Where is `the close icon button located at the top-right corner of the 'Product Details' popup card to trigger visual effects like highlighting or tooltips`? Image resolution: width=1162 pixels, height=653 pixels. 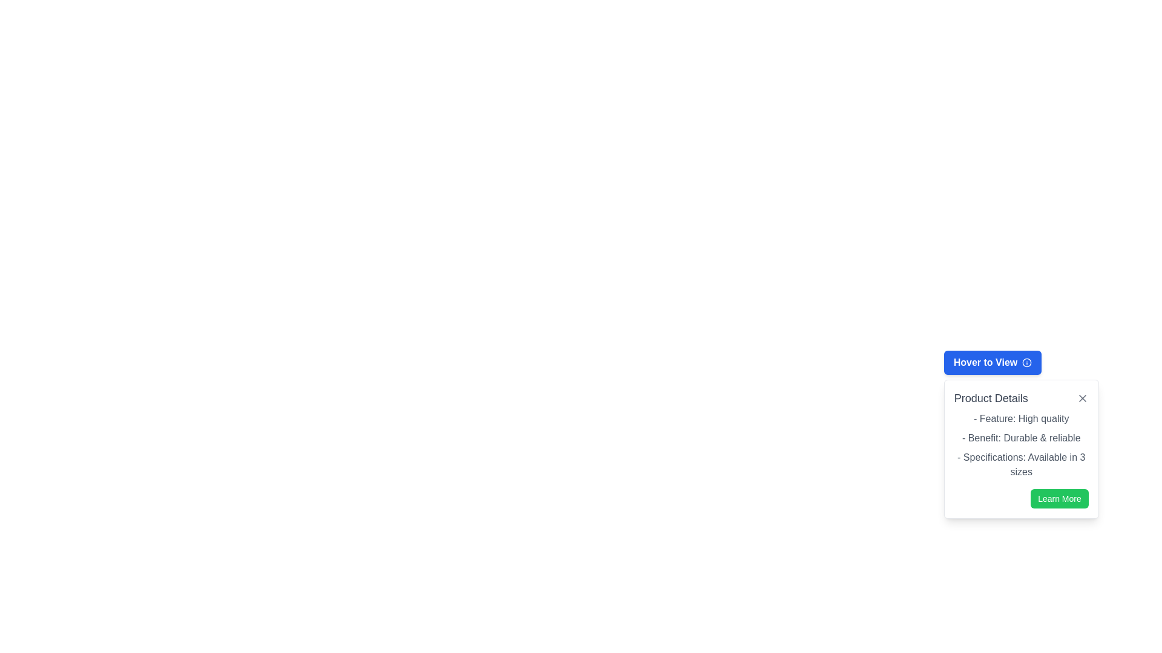
the close icon button located at the top-right corner of the 'Product Details' popup card to trigger visual effects like highlighting or tooltips is located at coordinates (1082, 398).